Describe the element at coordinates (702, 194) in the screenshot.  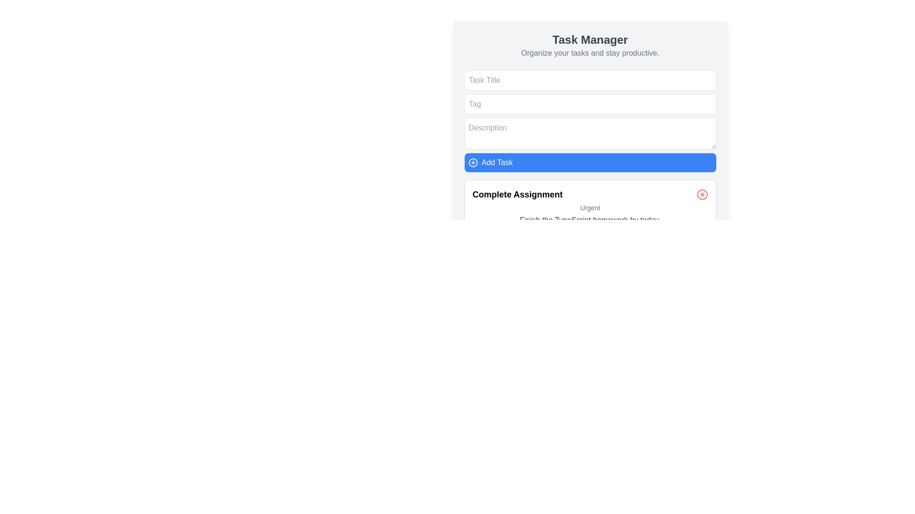
I see `the SVG circle that functions as a Close or Delete icon, located adjacent to the 'Complete Assignment' section` at that location.